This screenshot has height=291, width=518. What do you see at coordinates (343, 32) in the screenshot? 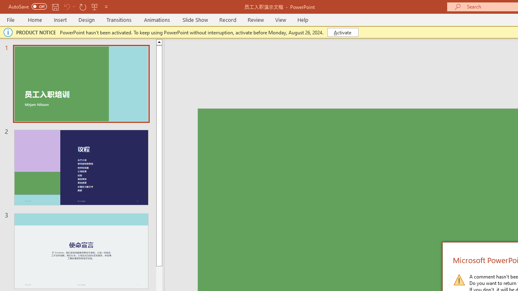
I see `'Activate'` at bounding box center [343, 32].